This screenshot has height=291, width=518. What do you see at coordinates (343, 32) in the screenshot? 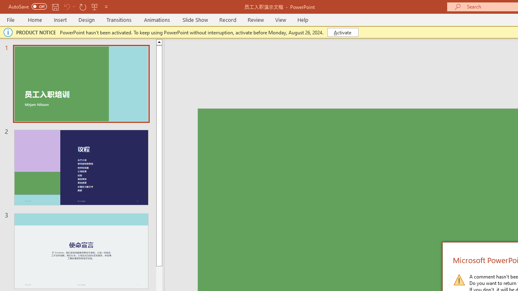
I see `'Activate'` at bounding box center [343, 32].